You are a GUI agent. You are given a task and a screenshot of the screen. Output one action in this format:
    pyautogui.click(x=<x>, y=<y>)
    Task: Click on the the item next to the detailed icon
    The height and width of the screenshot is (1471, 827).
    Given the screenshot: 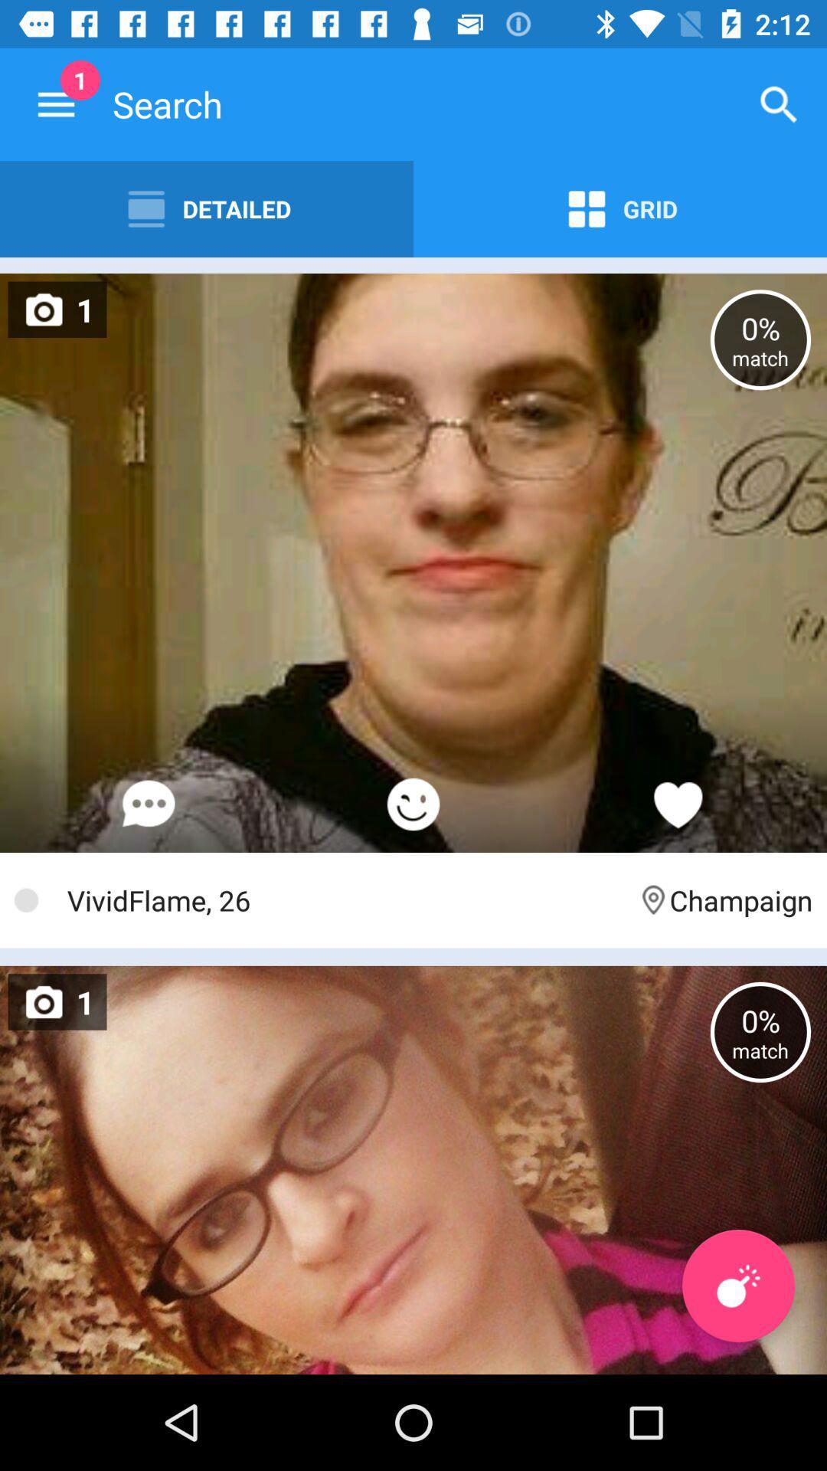 What is the action you would take?
    pyautogui.click(x=55, y=103)
    